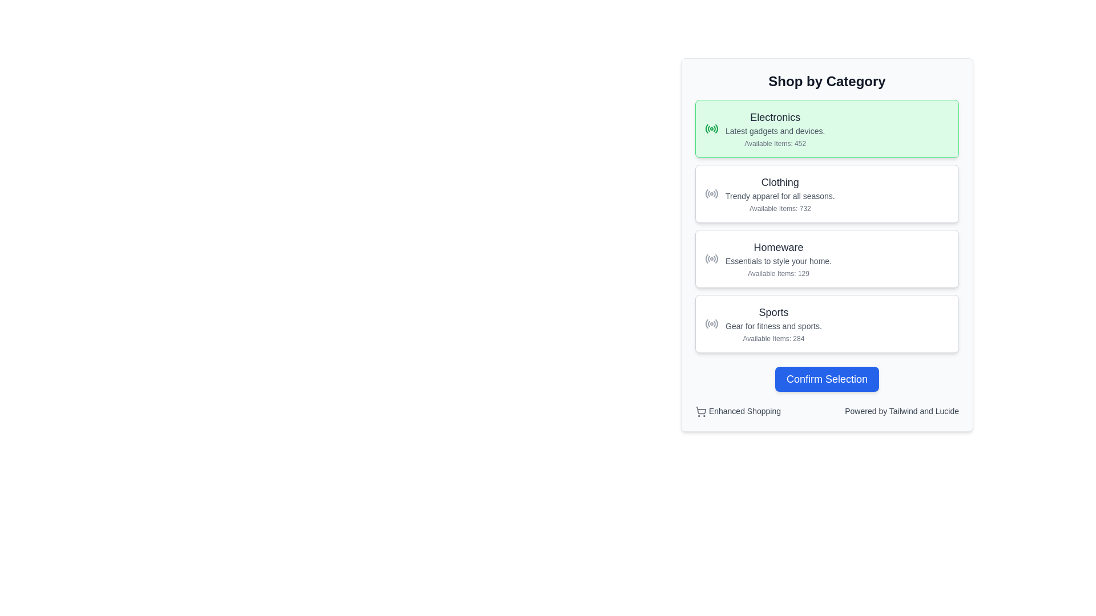  I want to click on the 'Clothing' card element, which is the second card in a vertical stack of four cards, featuring a white background, gray border, and the title 'Clothing', so click(827, 193).